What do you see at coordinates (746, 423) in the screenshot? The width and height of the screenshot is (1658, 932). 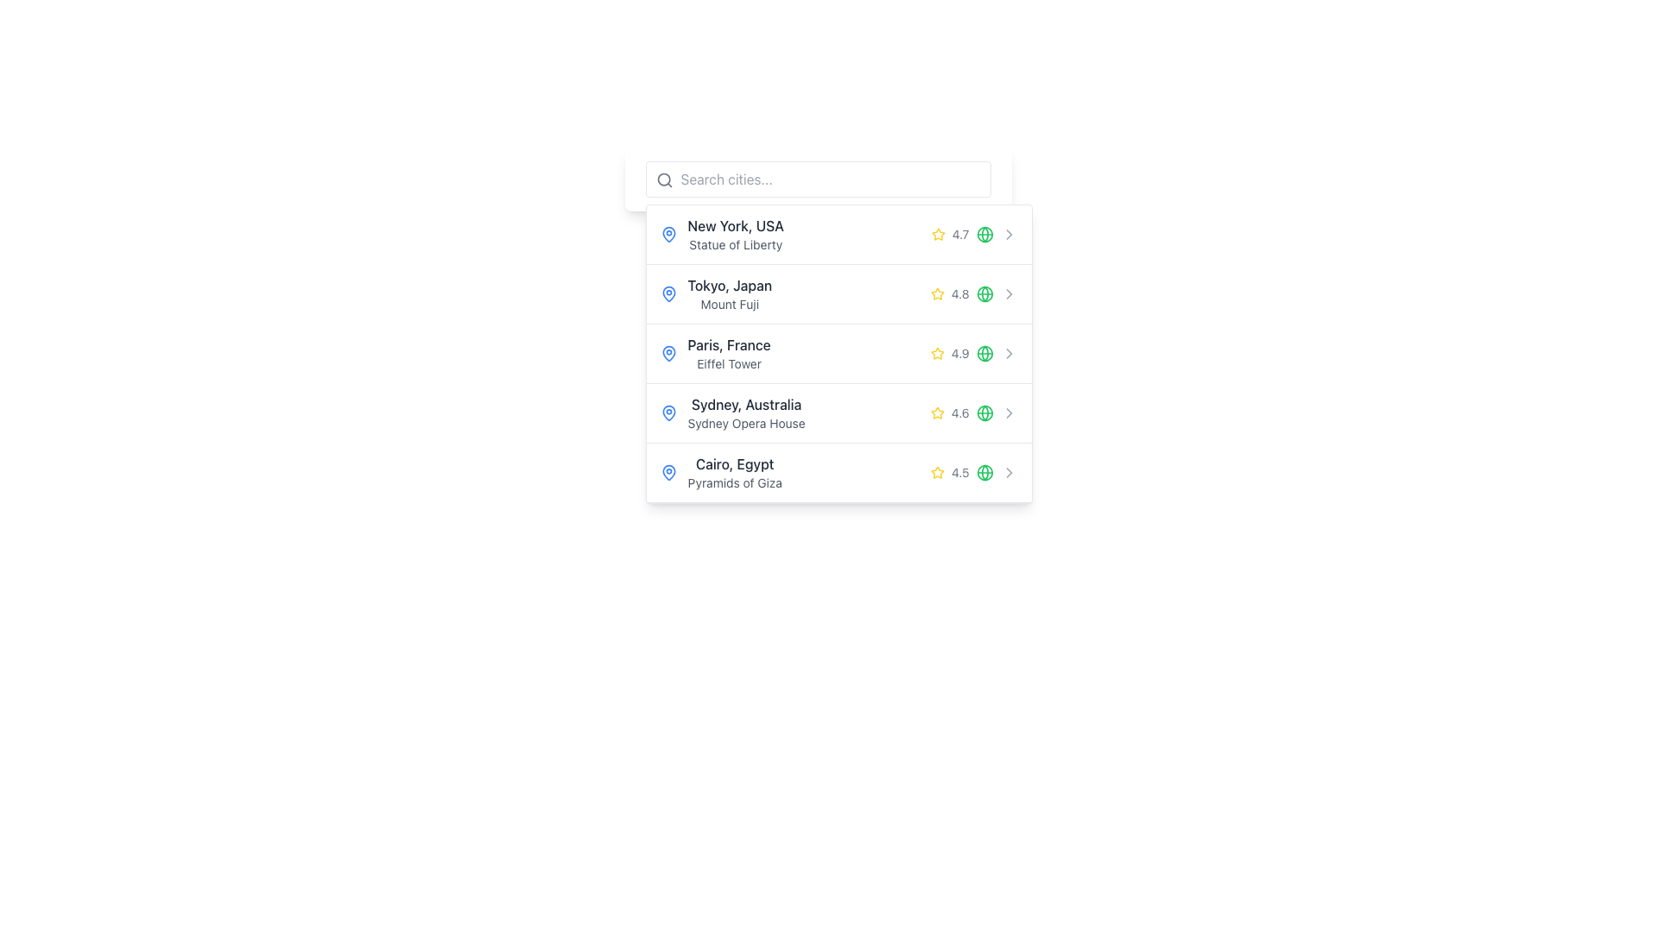 I see `the static text label displaying 'Sydney Opera House', which is a smaller light gray text located below 'Sydney, Australia' in the fourth row of the landmarks list` at bounding box center [746, 423].